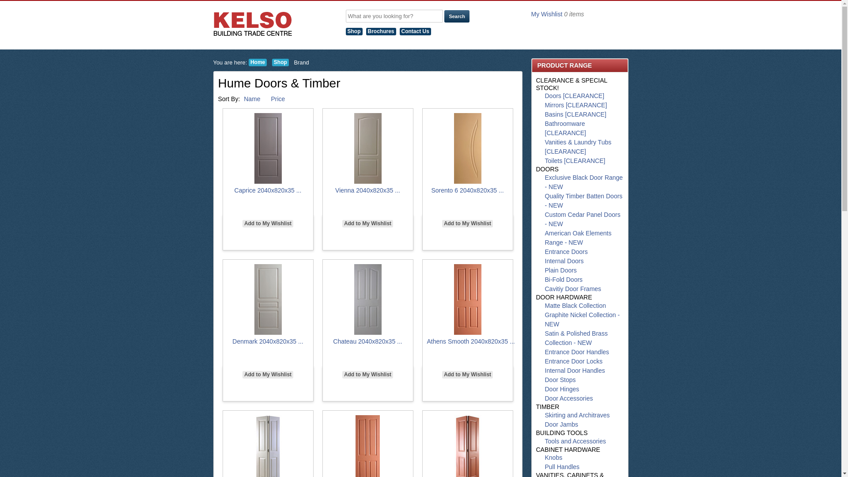 Image resolution: width=848 pixels, height=477 pixels. Describe the element at coordinates (561, 388) in the screenshot. I see `'Door Hinges'` at that location.